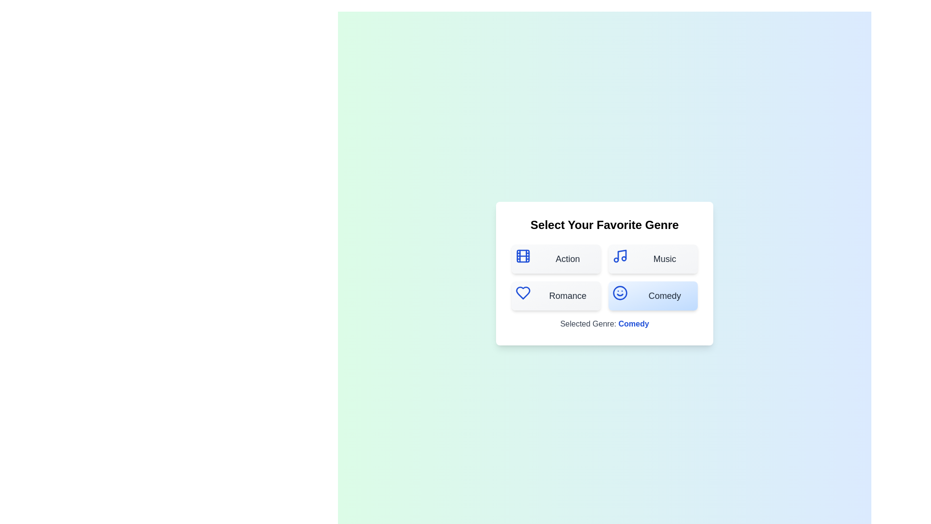  I want to click on the 'Comedy' genre button, so click(619, 293).